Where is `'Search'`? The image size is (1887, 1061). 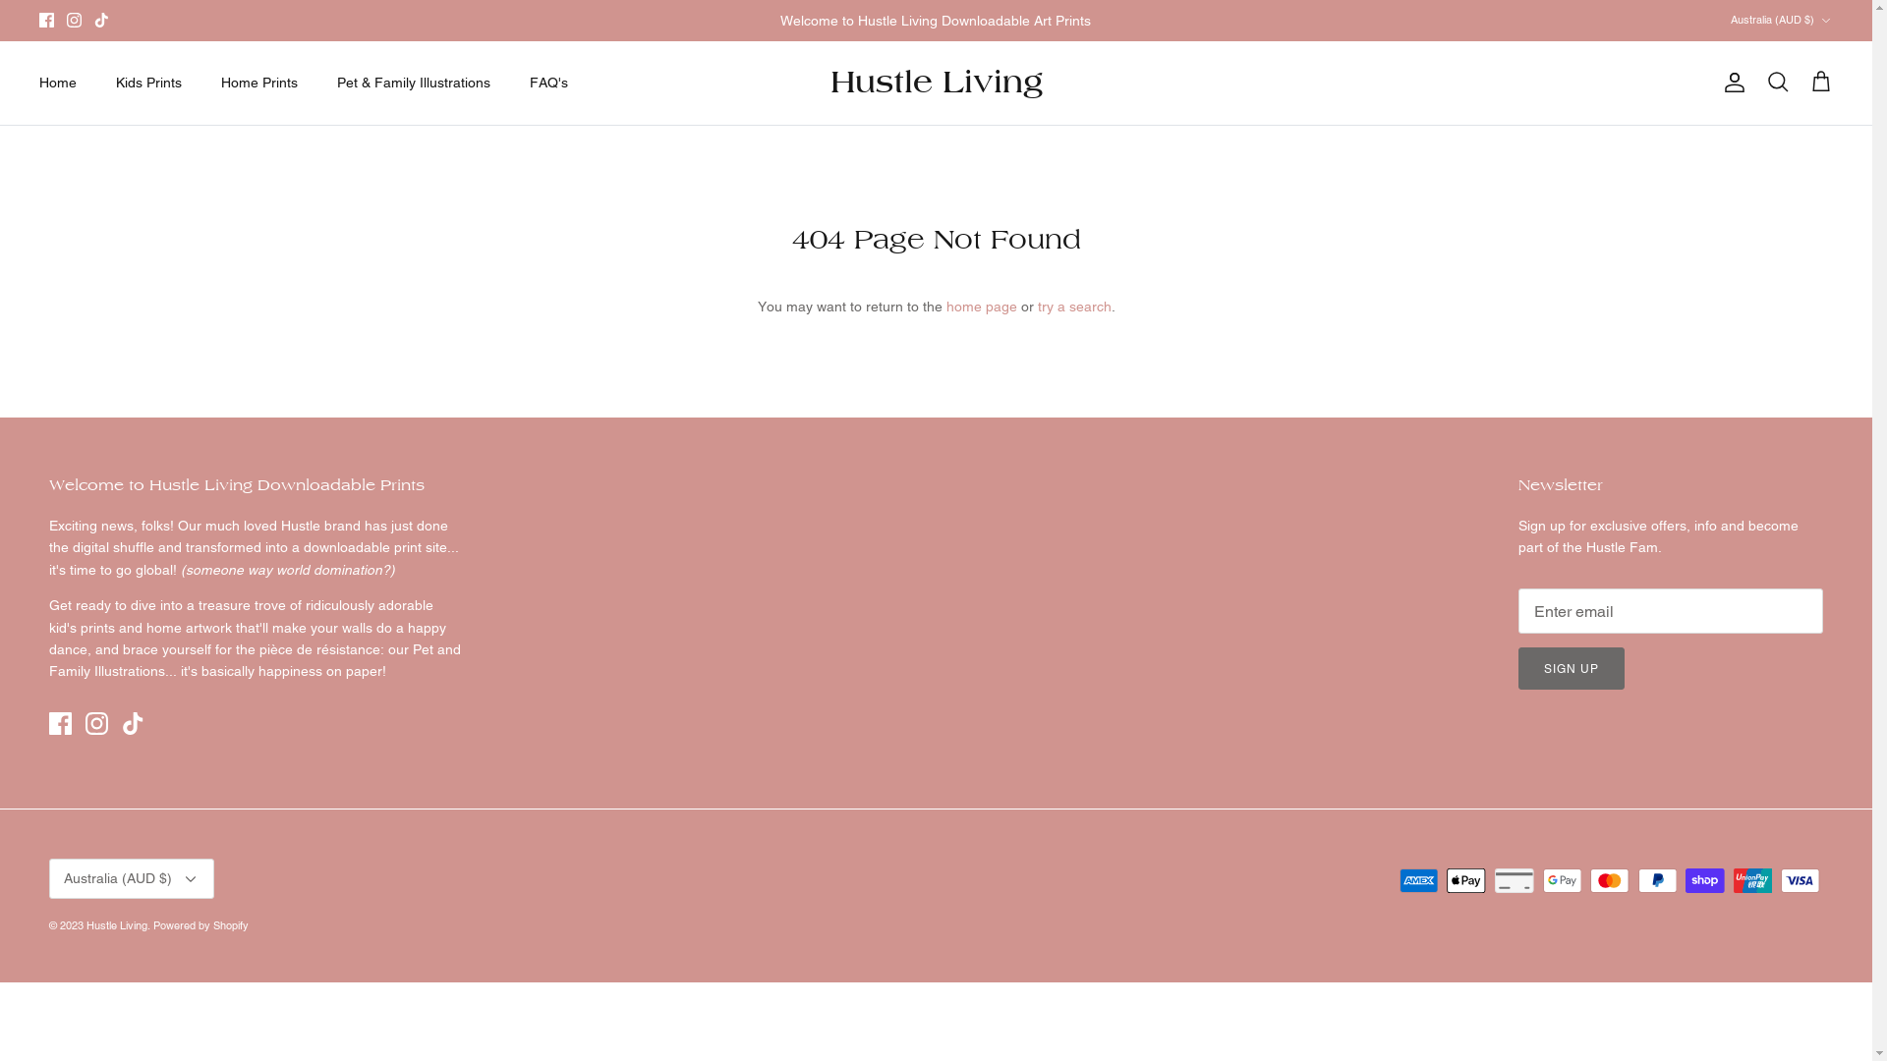 'Search' is located at coordinates (1778, 82).